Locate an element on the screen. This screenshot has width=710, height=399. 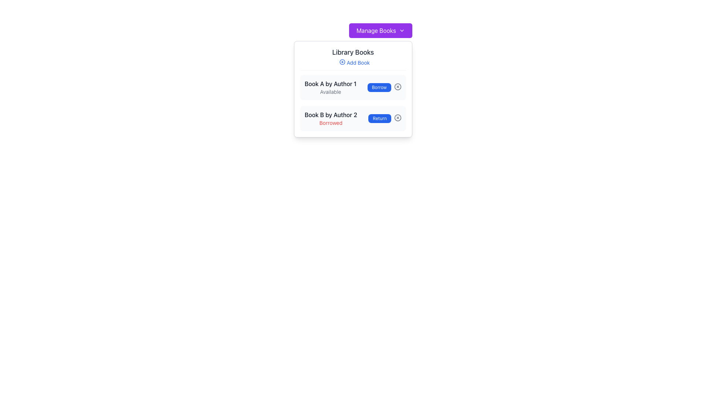
the button on the right side of 'Book A by Author 1' in the 'Library Books' section to initiate borrowing the book is located at coordinates (379, 87).